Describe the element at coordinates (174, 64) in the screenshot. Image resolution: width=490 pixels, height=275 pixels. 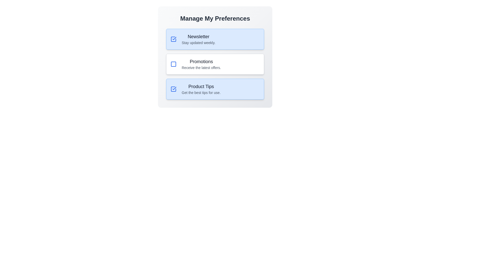
I see `the small square icon with rounded corners located inside a larger outlined square, positioned to the left of the 'Promotions' label in the vertical list of preferences options` at that location.